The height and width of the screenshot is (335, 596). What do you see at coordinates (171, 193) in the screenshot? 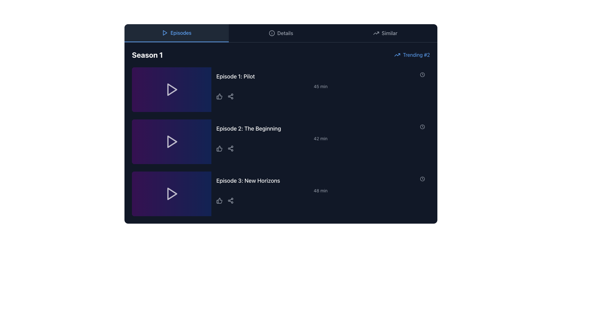
I see `the play button for 'Episode 3: New Horizons' to change its opacity` at bounding box center [171, 193].